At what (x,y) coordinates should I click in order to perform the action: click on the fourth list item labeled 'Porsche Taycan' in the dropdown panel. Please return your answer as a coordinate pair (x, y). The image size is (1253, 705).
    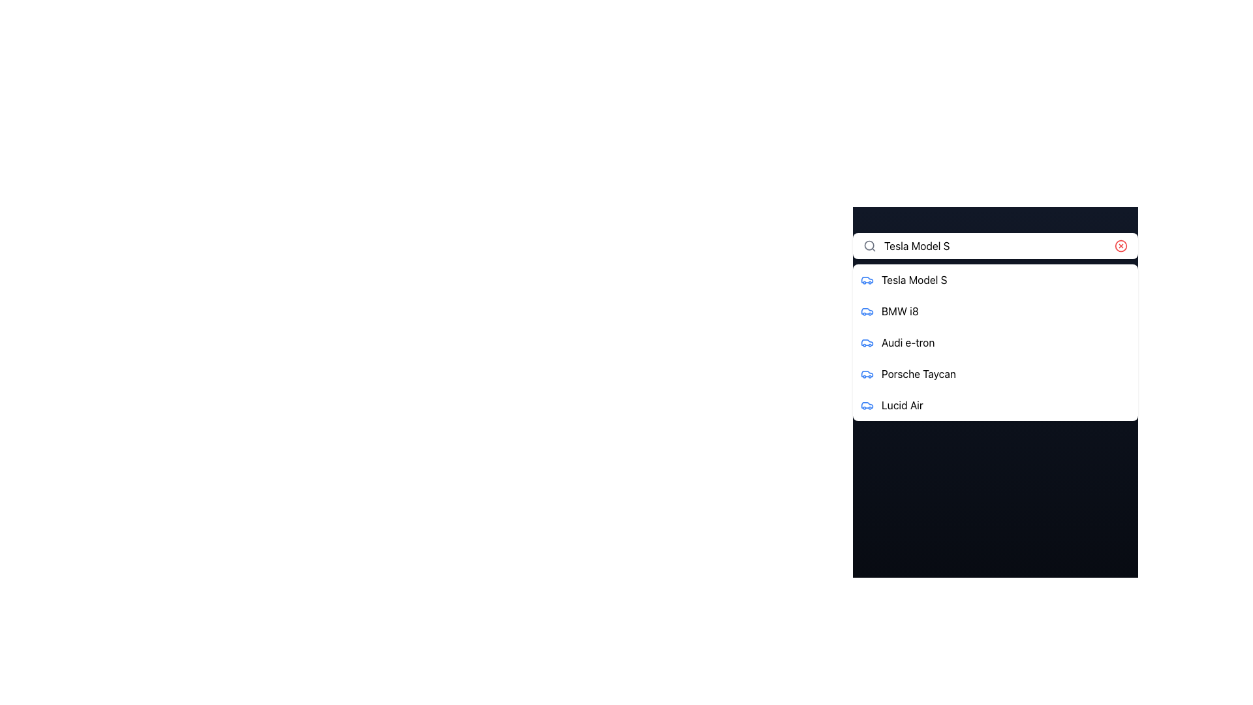
    Looking at the image, I should click on (995, 374).